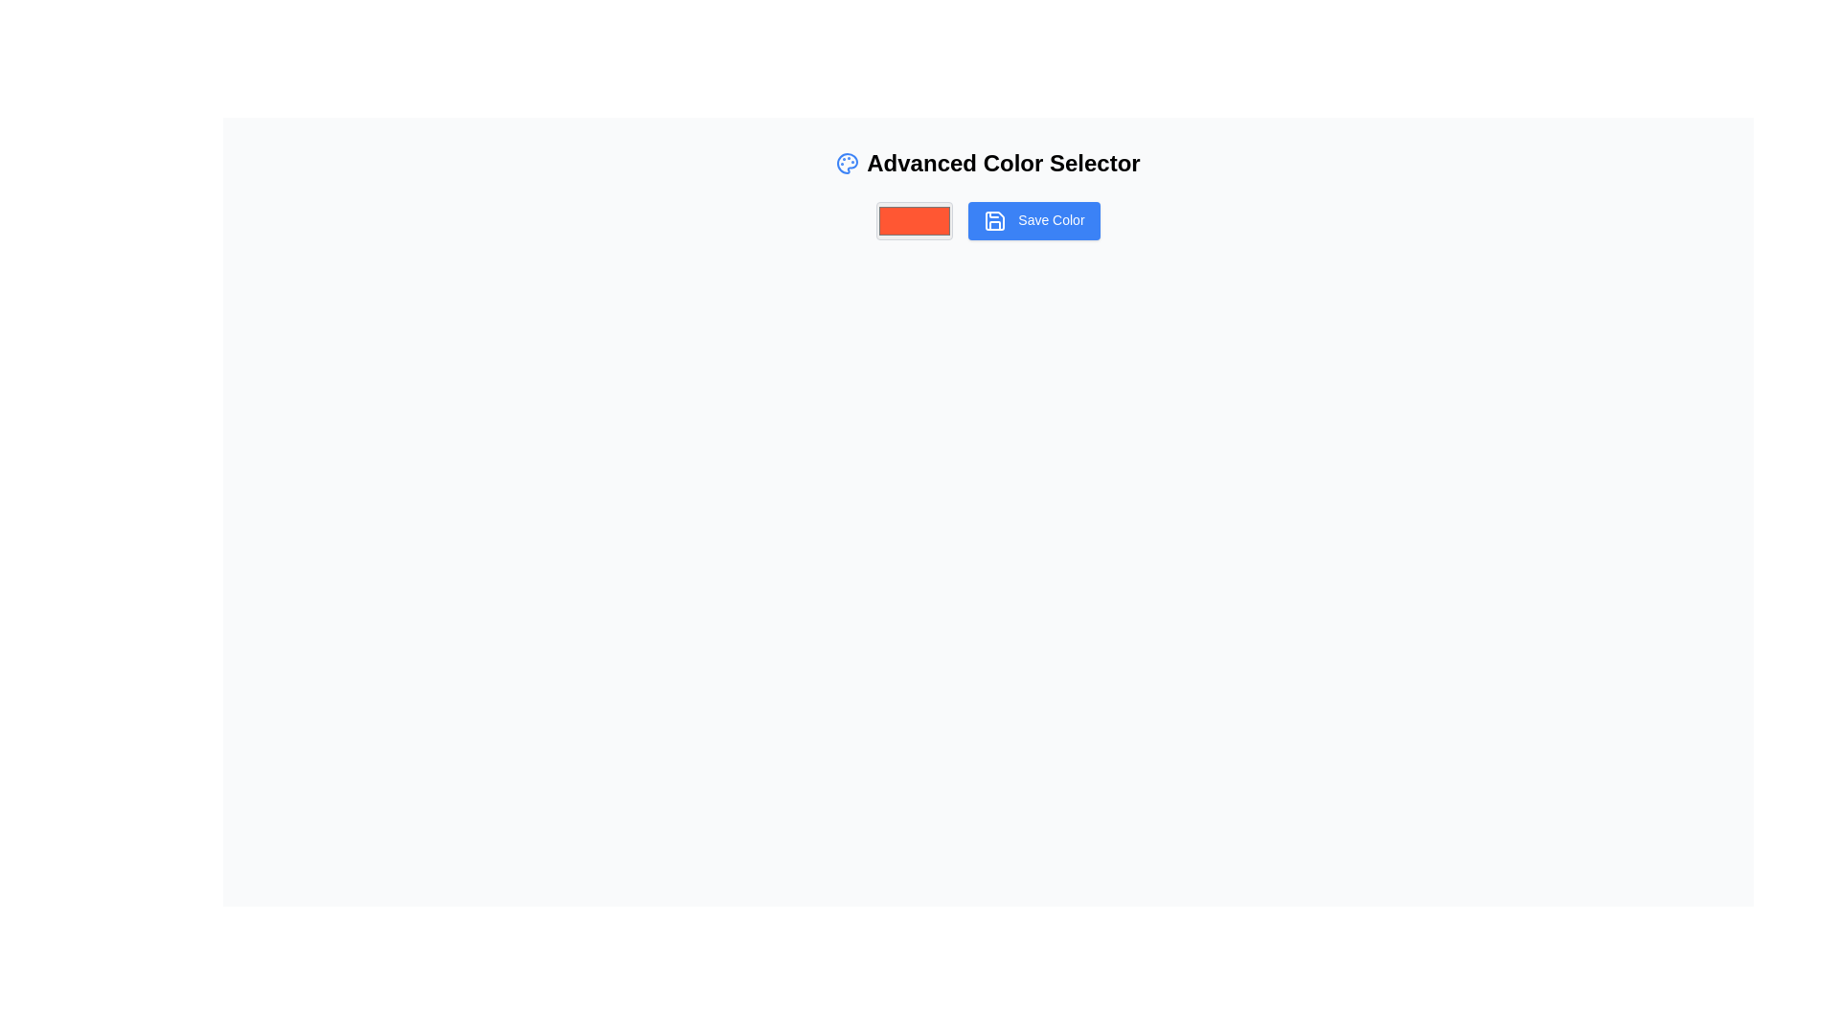 The image size is (1839, 1034). I want to click on the save button located to the right of the color-selection box under the 'Advanced Color Selector' header, so click(988, 220).